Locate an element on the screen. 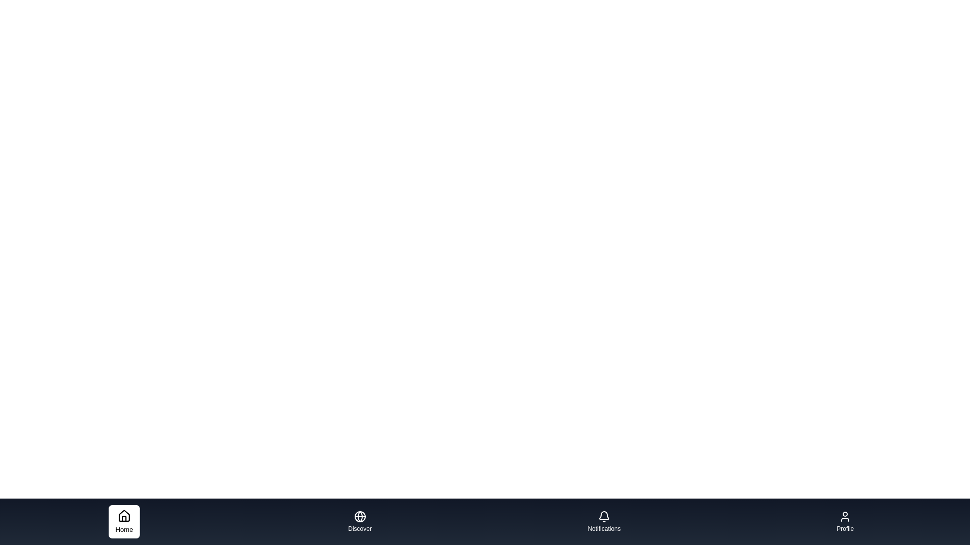 Image resolution: width=970 pixels, height=545 pixels. the Profile tab to activate it and observe the visual change is located at coordinates (845, 521).